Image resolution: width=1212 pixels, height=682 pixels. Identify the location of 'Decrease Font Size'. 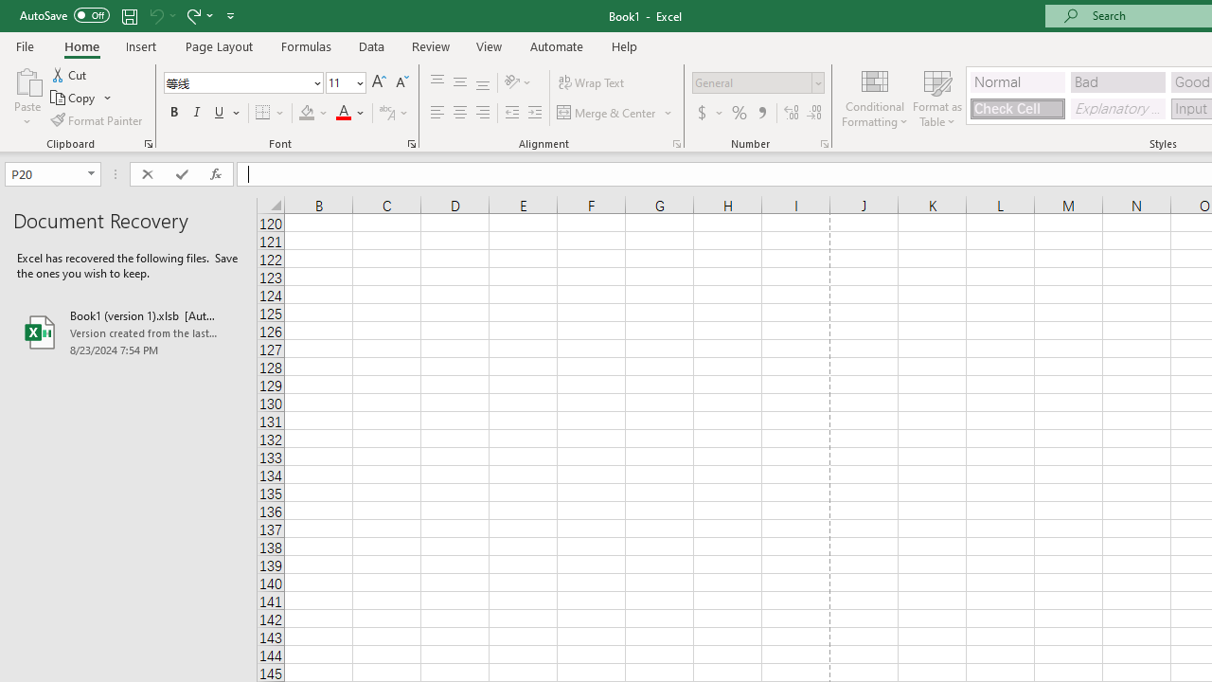
(401, 81).